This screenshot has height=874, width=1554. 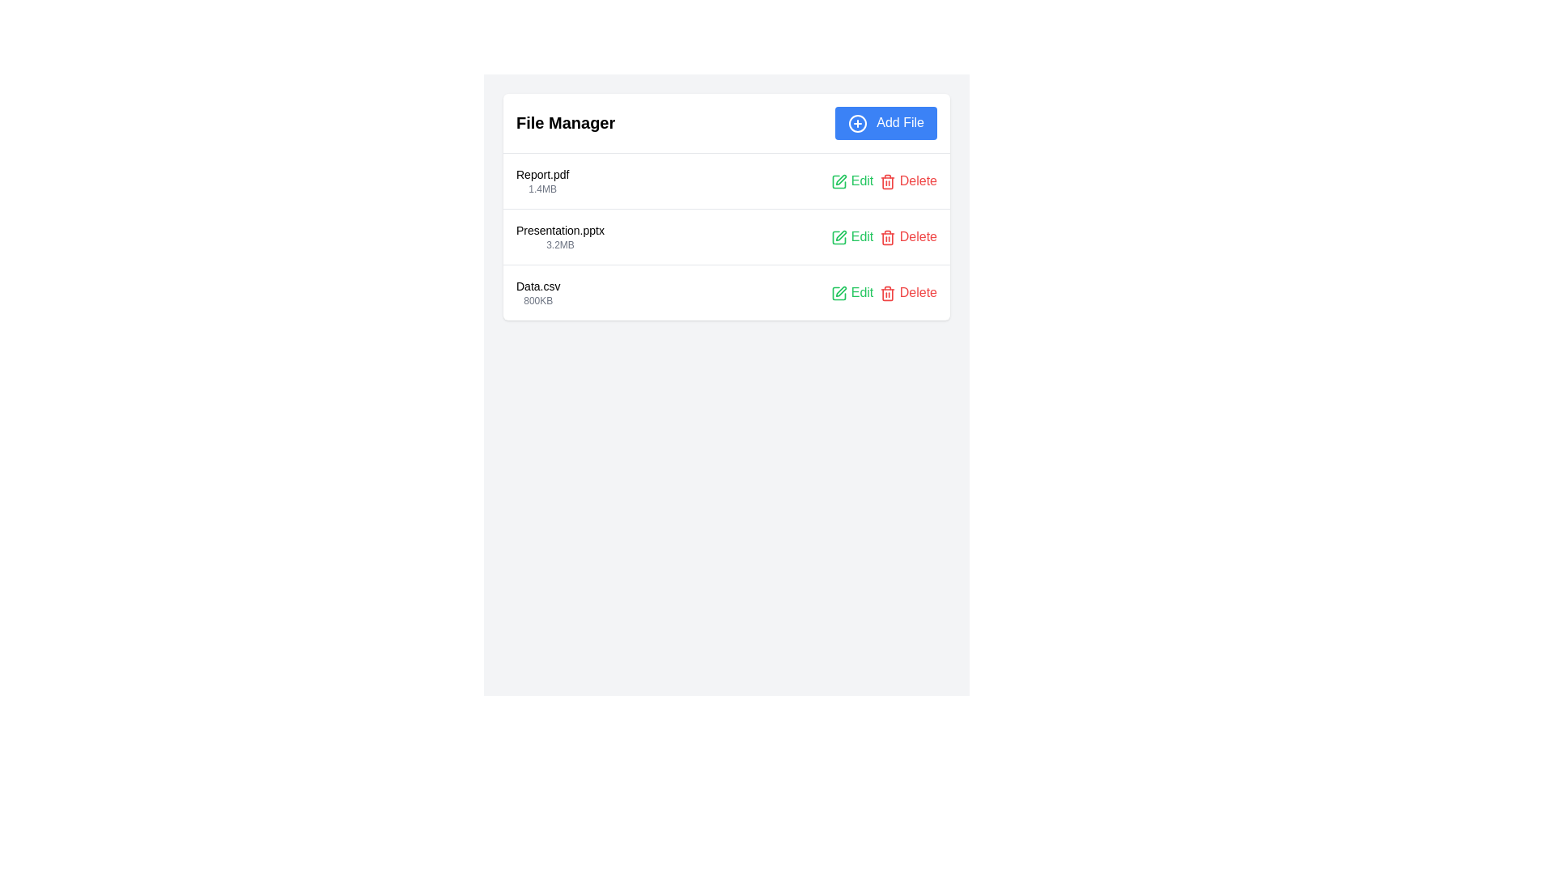 What do you see at coordinates (908, 292) in the screenshot?
I see `the red 'Delete' text label with a trash bin icon located at the right end of the third row in the 'File Manager' card` at bounding box center [908, 292].